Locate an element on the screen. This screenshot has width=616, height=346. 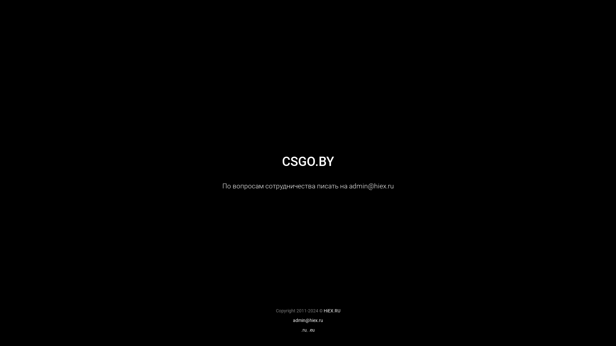
'.ru' is located at coordinates (304, 330).